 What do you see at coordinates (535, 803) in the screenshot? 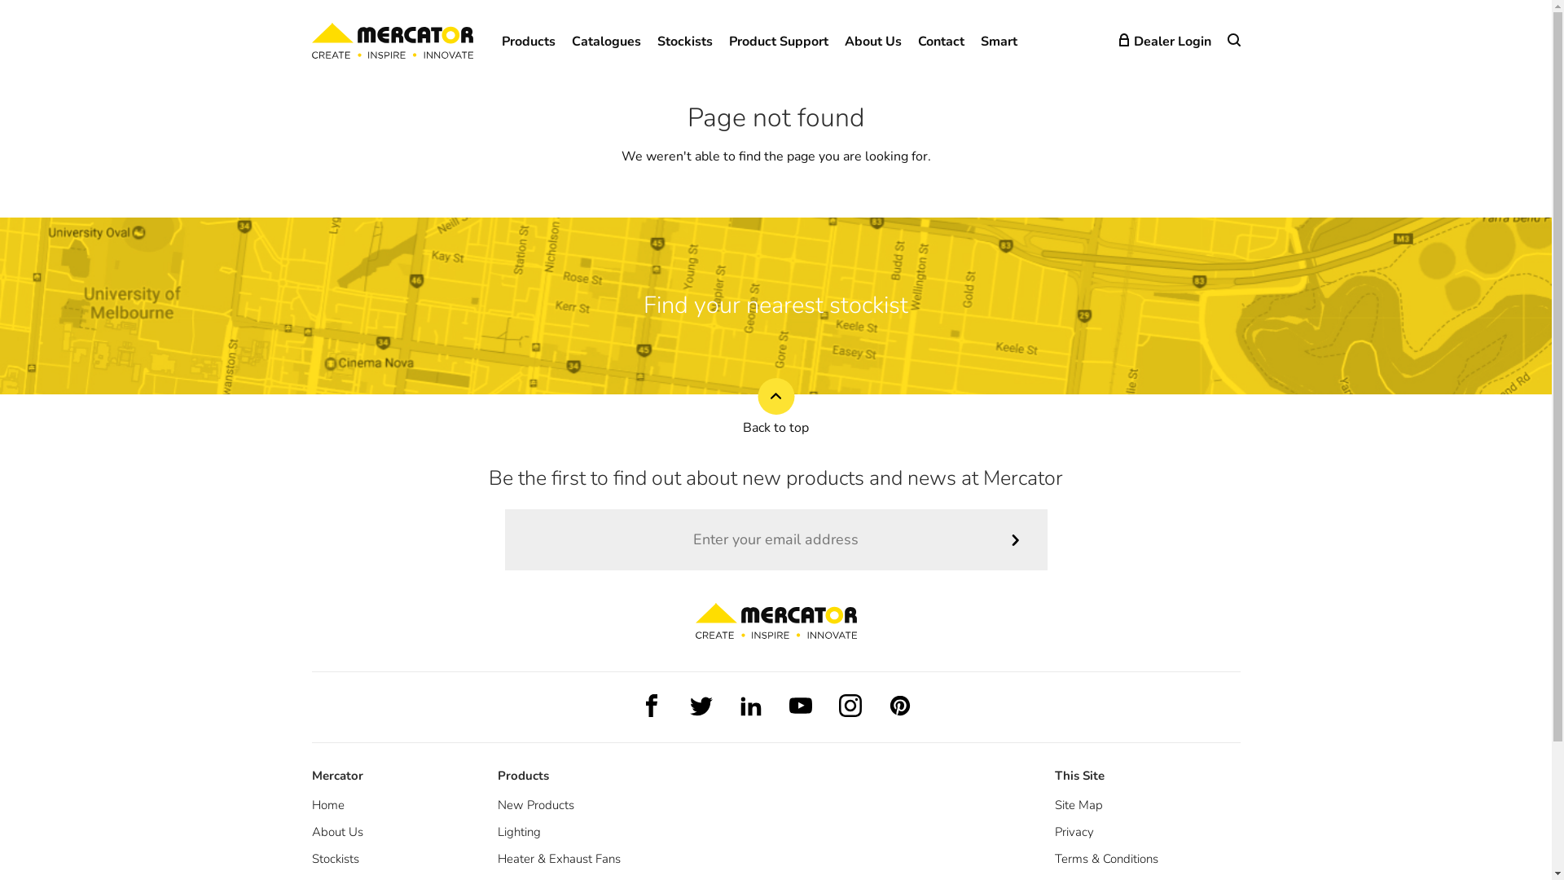
I see `'New Products'` at bounding box center [535, 803].